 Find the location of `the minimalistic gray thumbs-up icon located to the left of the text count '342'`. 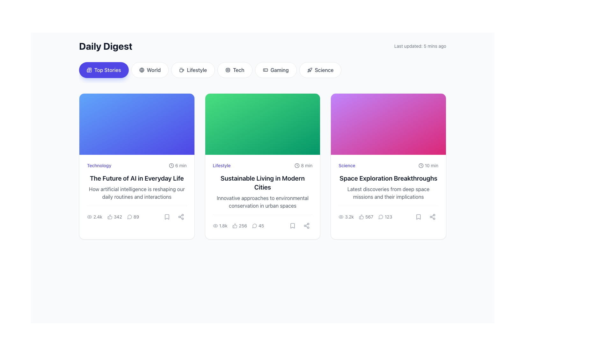

the minimalistic gray thumbs-up icon located to the left of the text count '342' is located at coordinates (110, 217).